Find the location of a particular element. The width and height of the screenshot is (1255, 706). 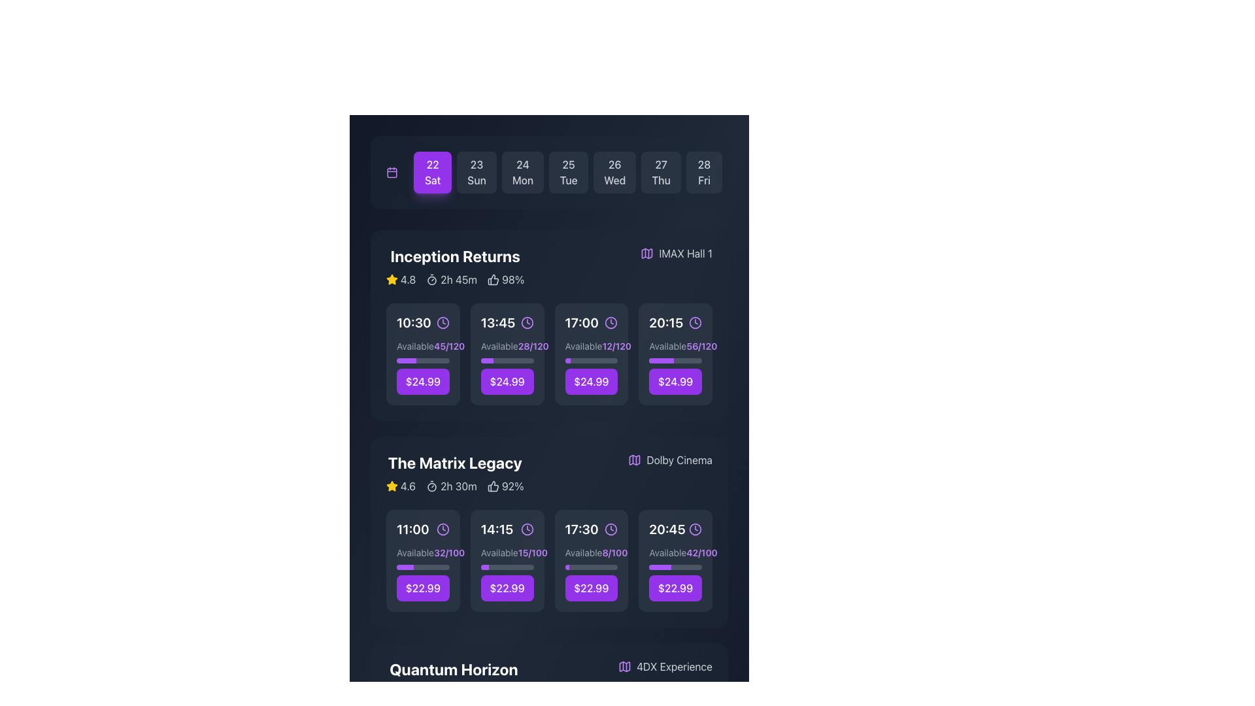

the button labeled '27 Thu' is located at coordinates (661, 171).